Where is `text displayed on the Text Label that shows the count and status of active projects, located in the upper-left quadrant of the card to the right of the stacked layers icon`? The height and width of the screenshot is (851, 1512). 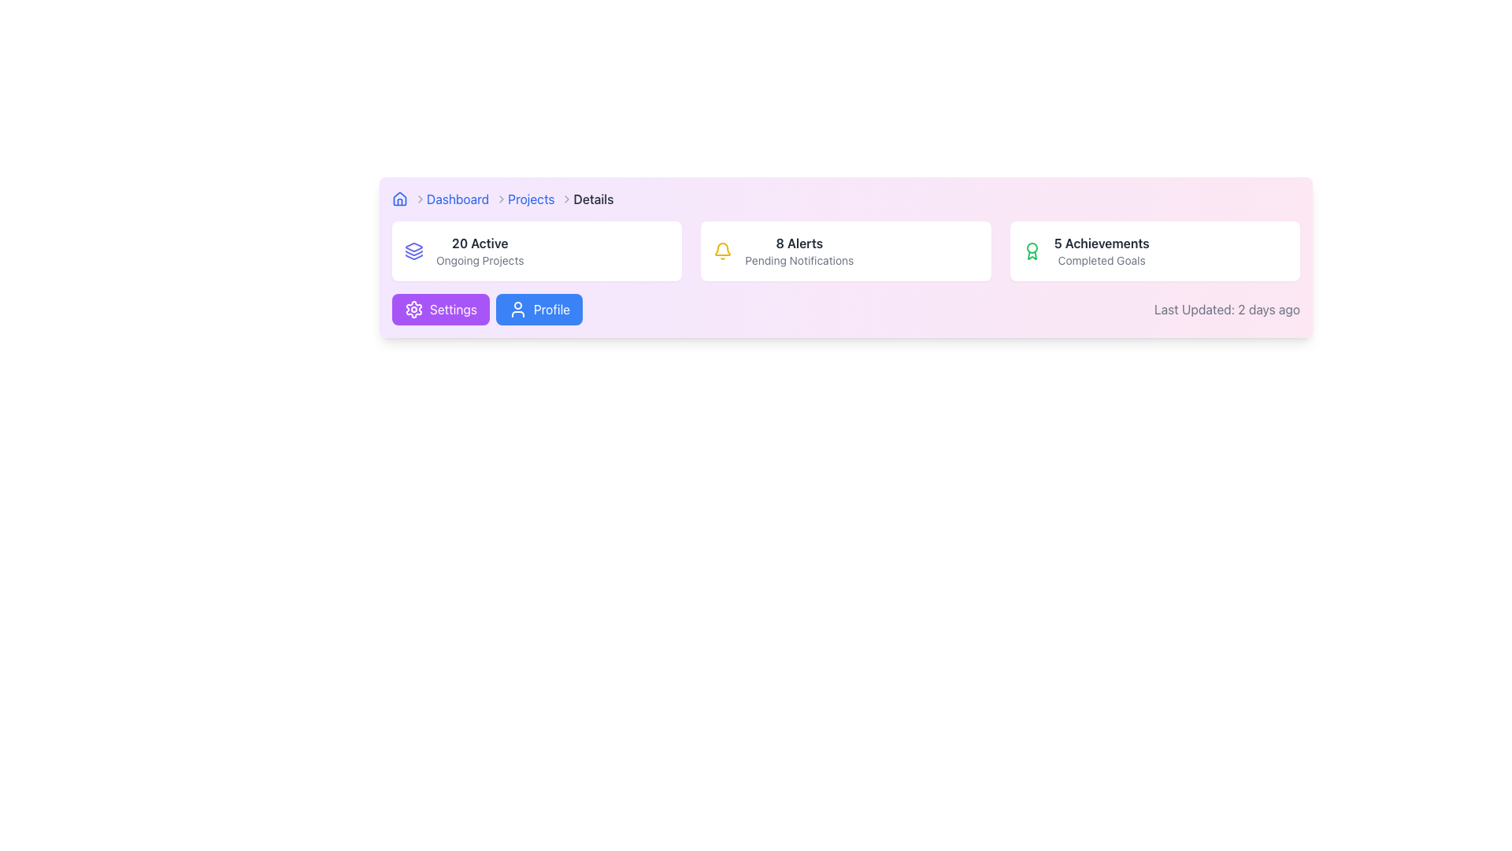 text displayed on the Text Label that shows the count and status of active projects, located in the upper-left quadrant of the card to the right of the stacked layers icon is located at coordinates (479, 243).